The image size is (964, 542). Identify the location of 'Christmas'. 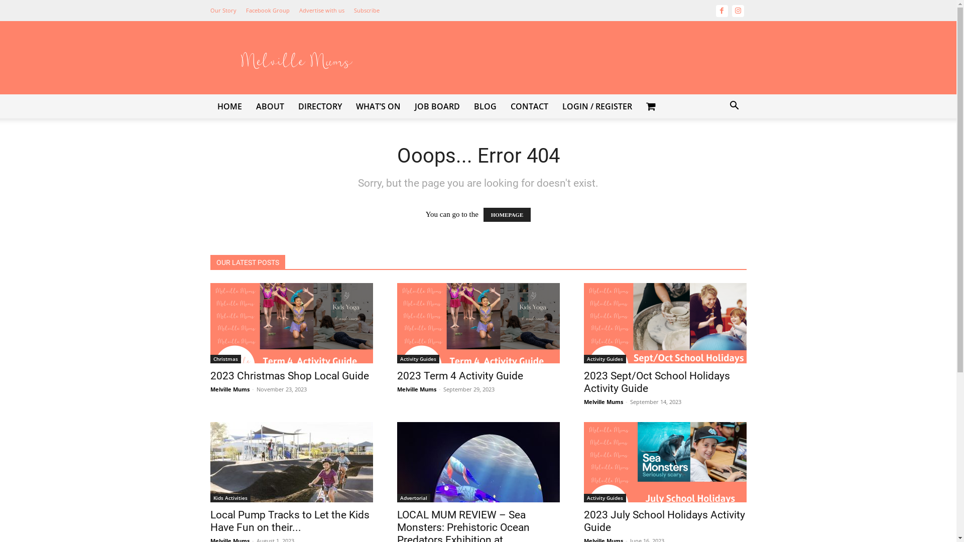
(224, 358).